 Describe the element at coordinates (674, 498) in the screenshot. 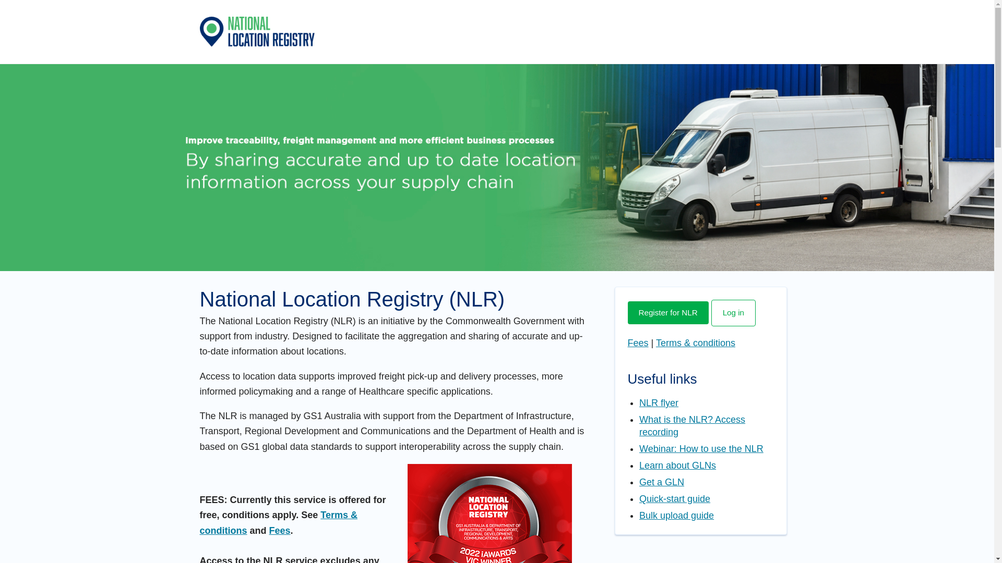

I see `'Quick-start guide'` at that location.